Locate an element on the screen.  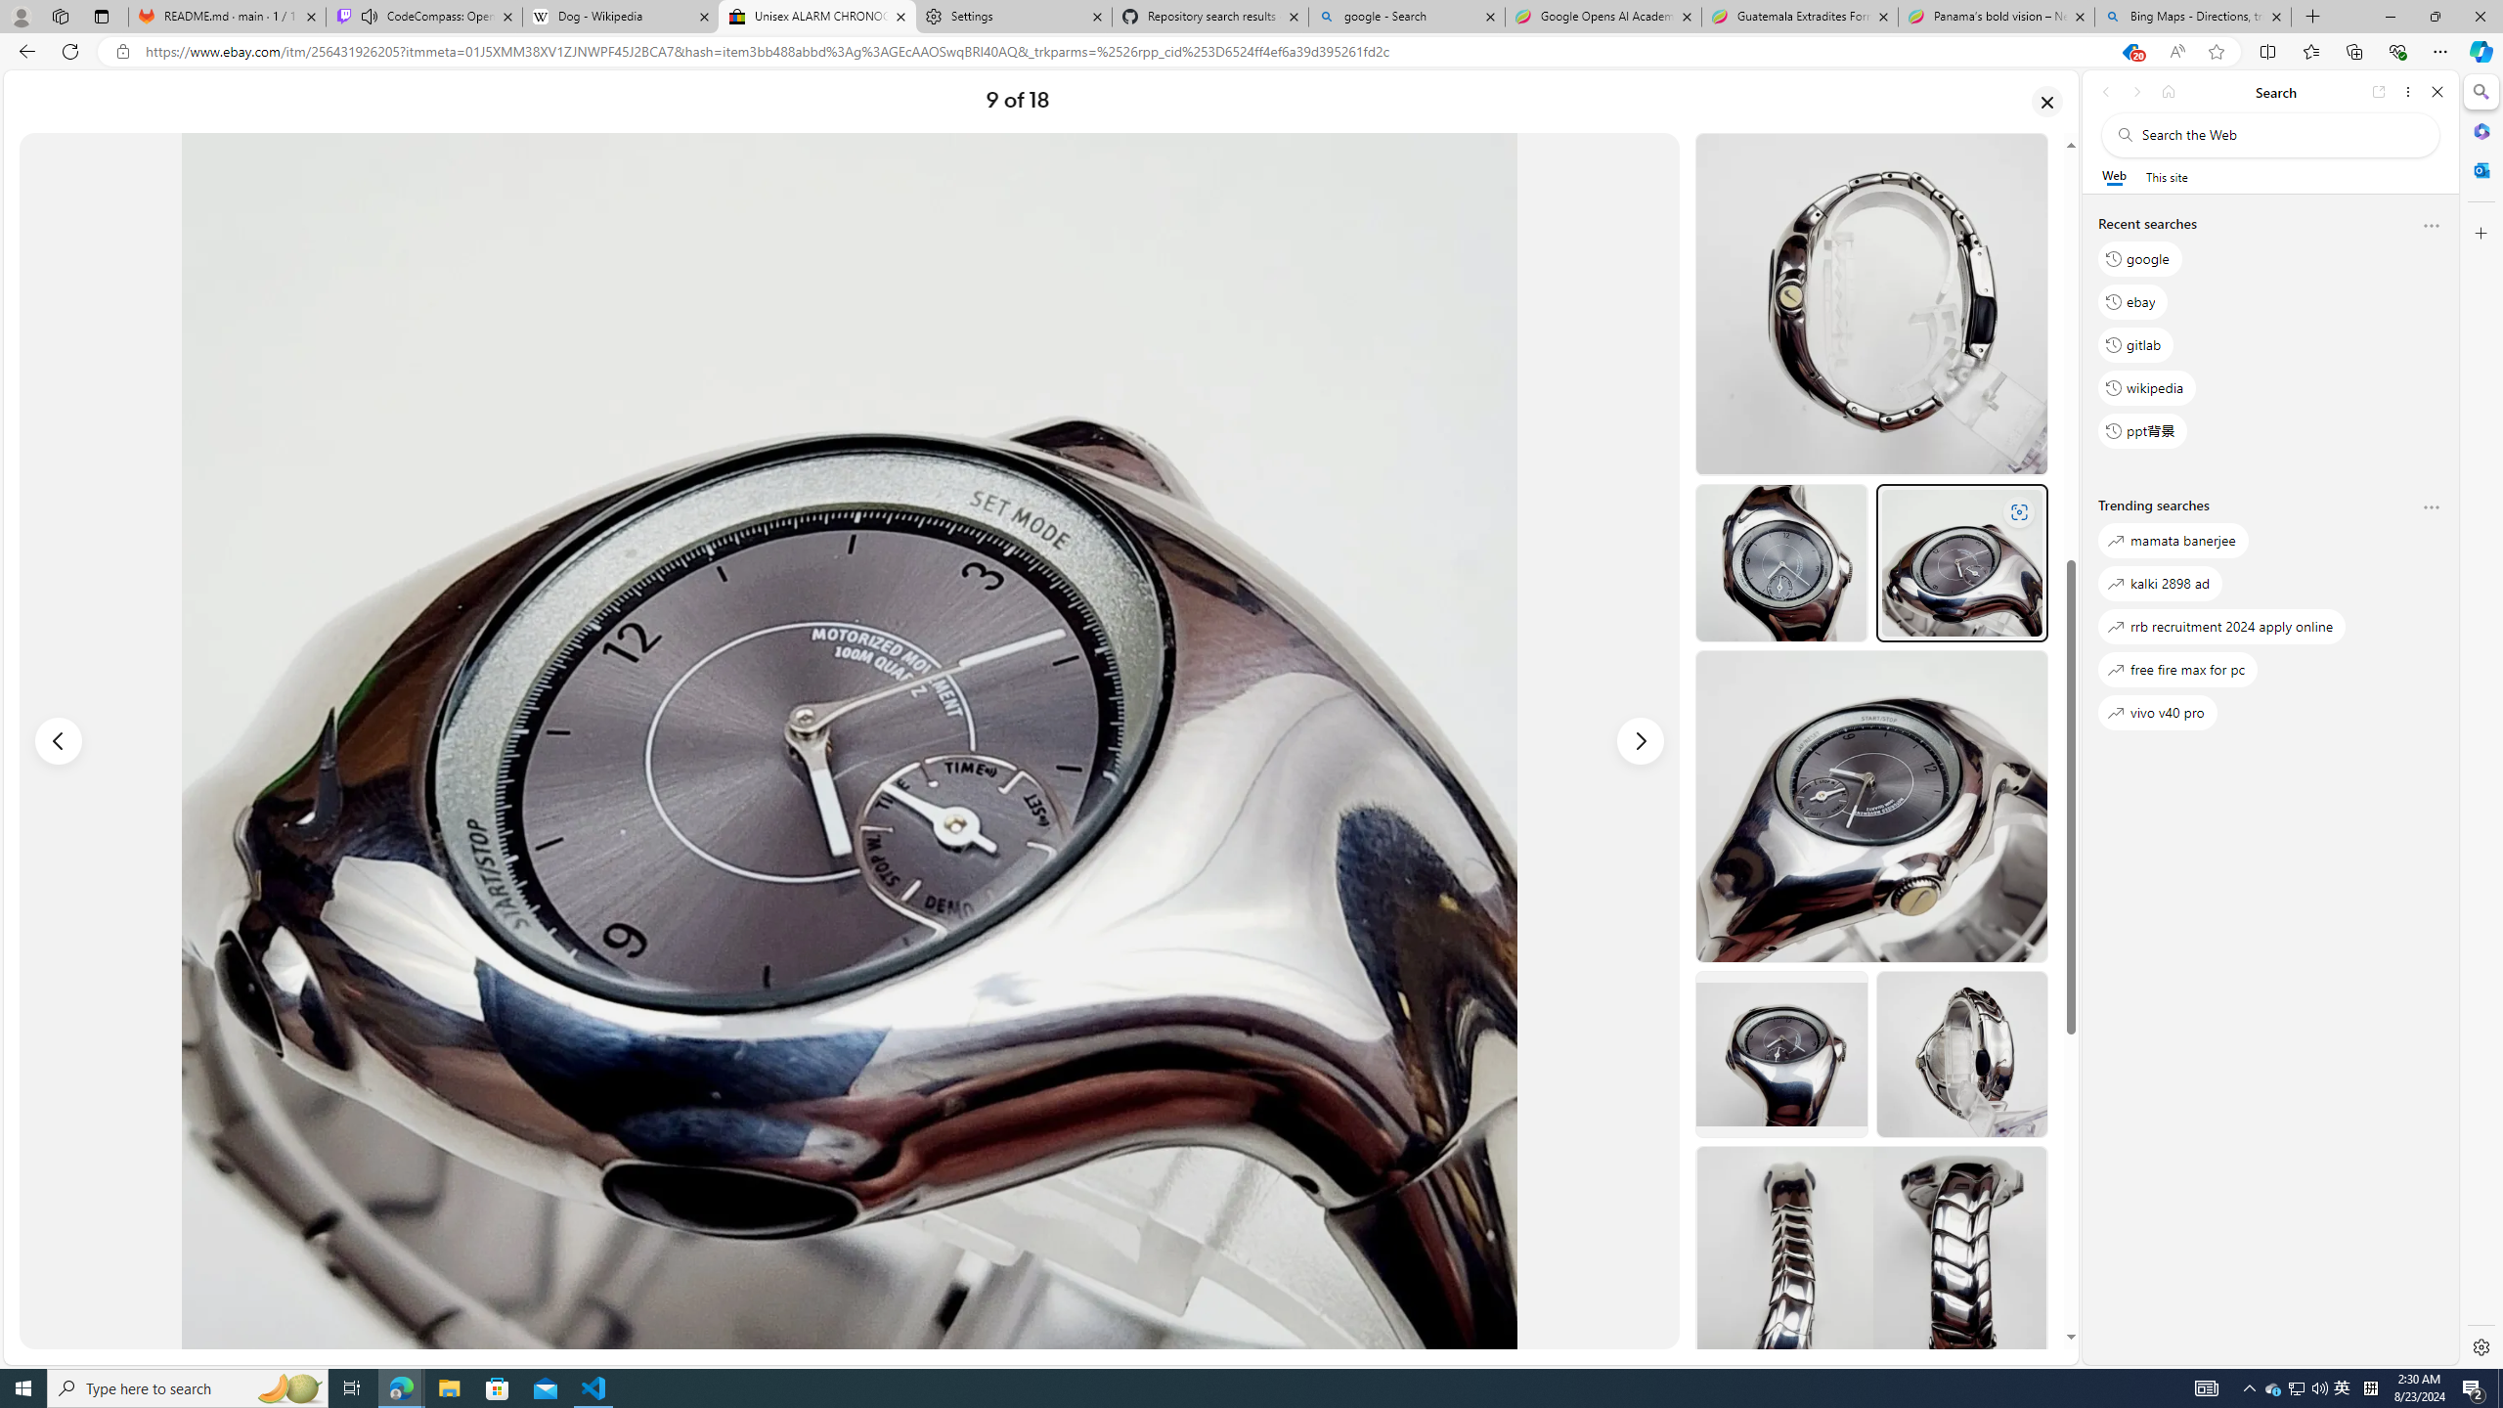
'Dog - Wikipedia' is located at coordinates (619, 16).